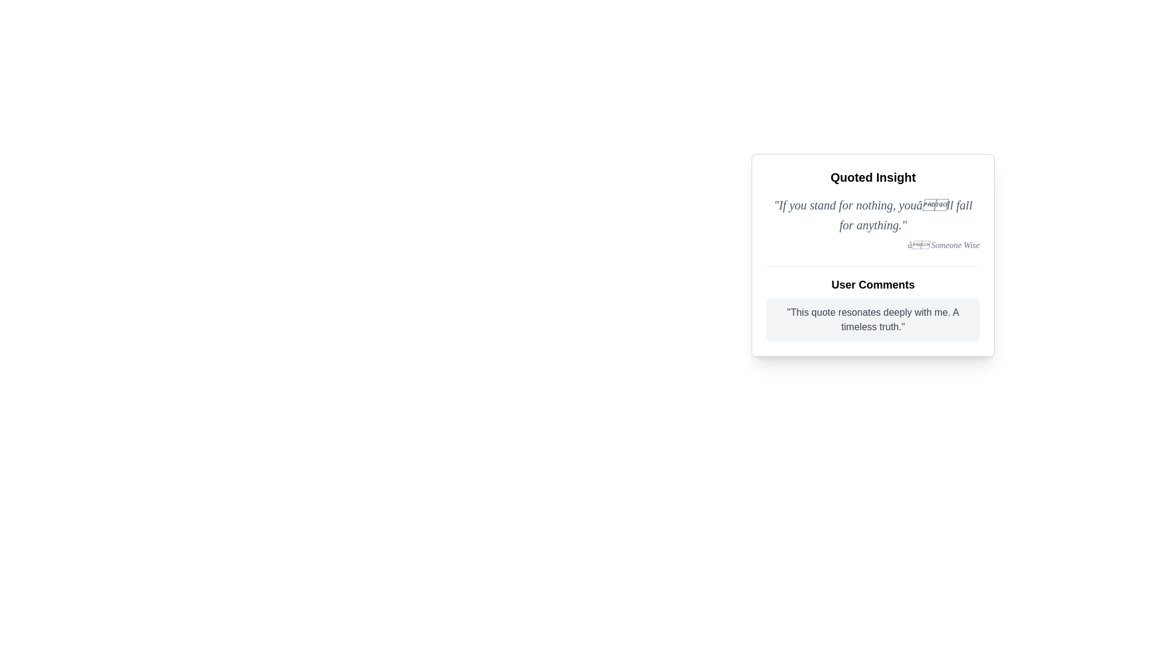 The height and width of the screenshot is (652, 1159). Describe the element at coordinates (873, 284) in the screenshot. I see `the Text heading that designates the section for user comments or feedback, which is centrally aligned above the user quote element` at that location.